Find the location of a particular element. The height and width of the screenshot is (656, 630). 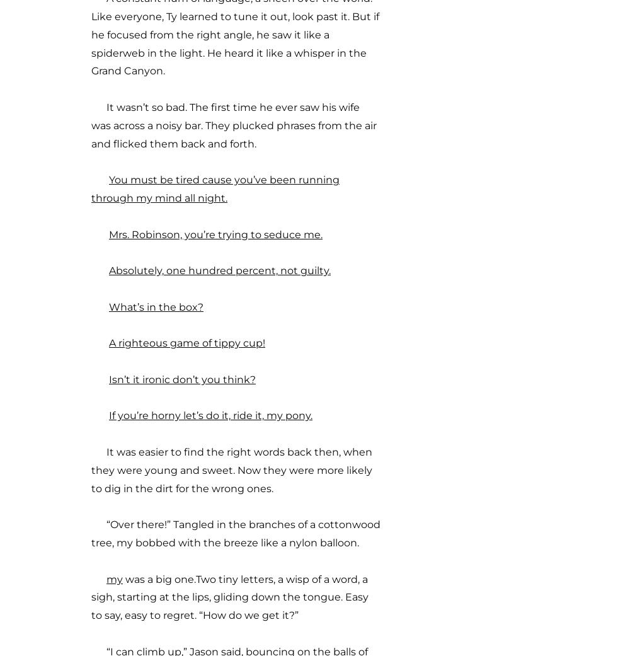

'my' is located at coordinates (115, 578).